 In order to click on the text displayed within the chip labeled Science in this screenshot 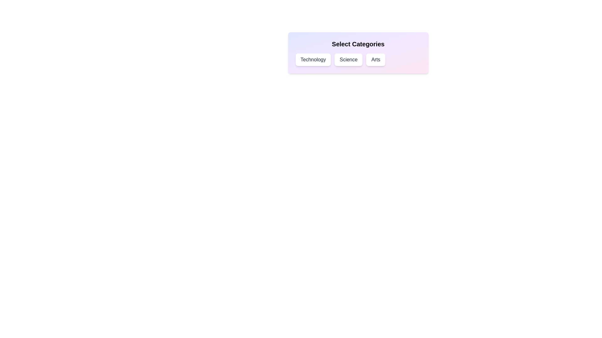, I will do `click(348, 60)`.